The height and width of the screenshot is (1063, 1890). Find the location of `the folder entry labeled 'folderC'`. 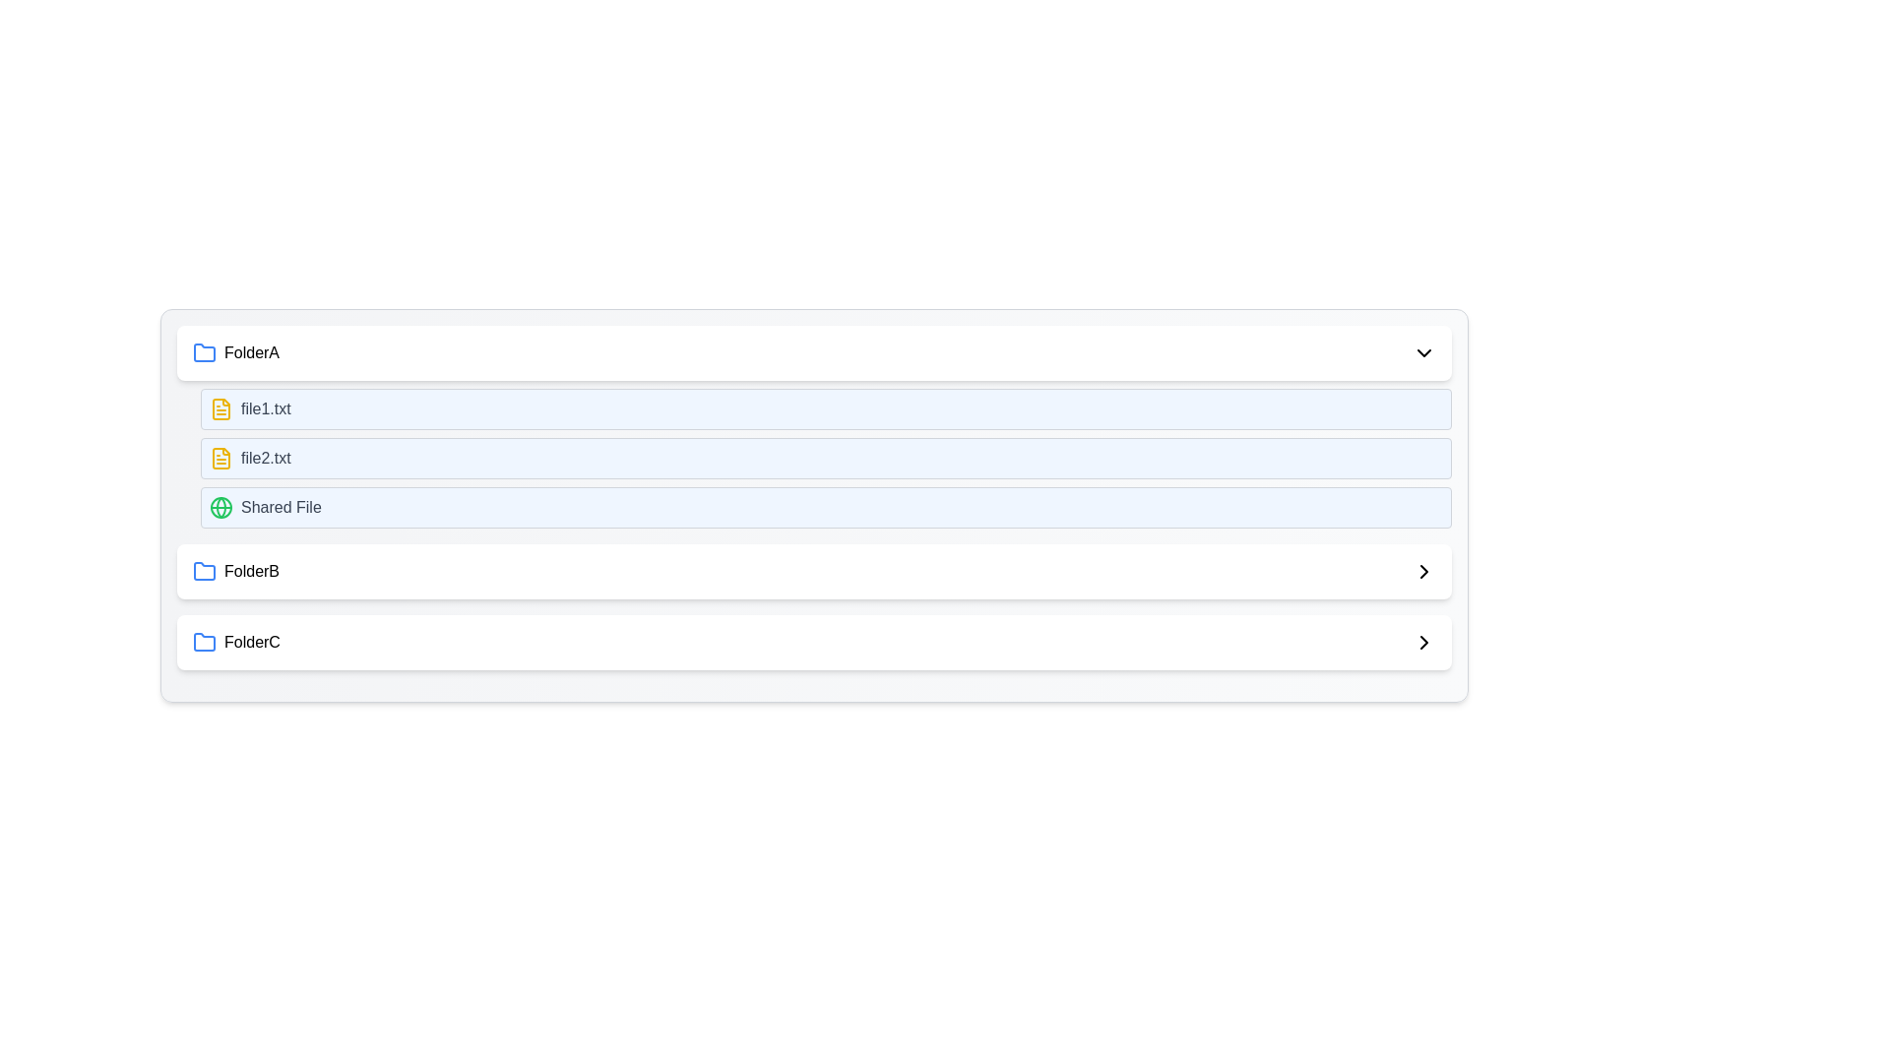

the folder entry labeled 'folderC' is located at coordinates (814, 642).